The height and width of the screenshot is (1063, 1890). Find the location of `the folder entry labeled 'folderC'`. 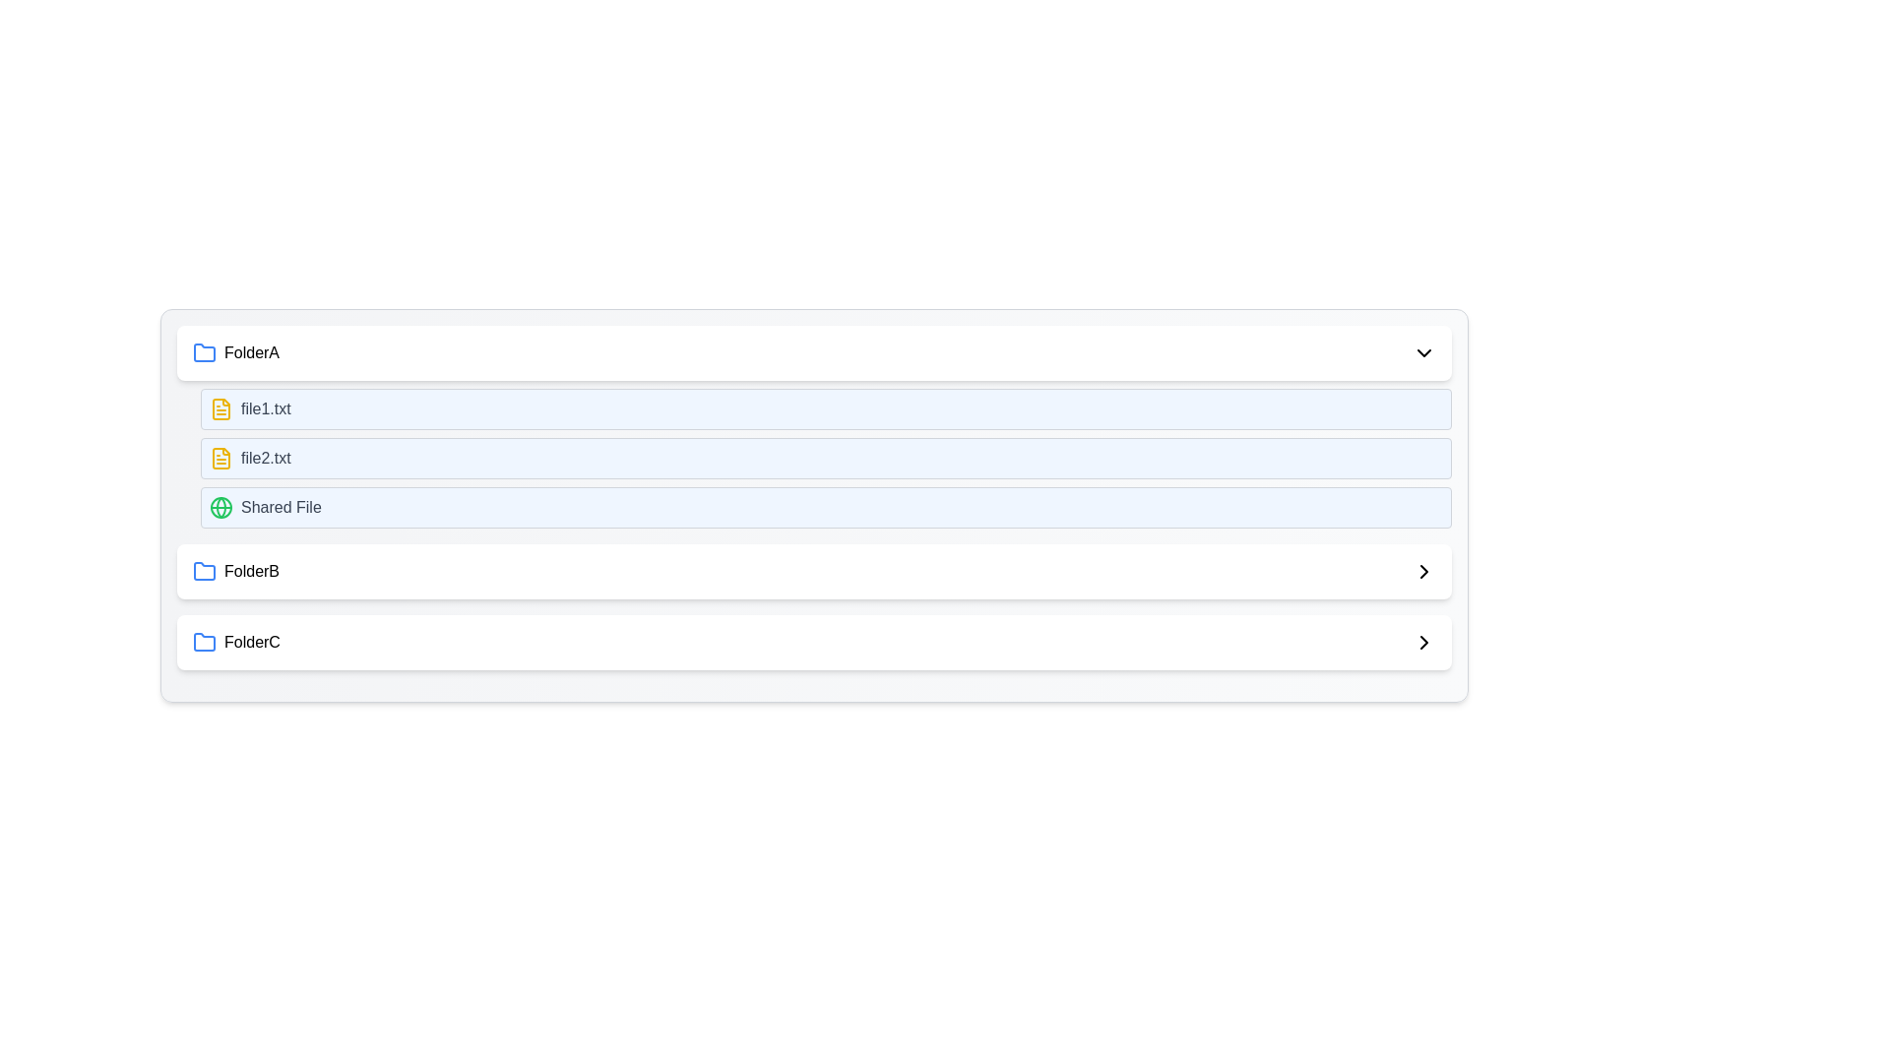

the folder entry labeled 'folderC' is located at coordinates (814, 642).